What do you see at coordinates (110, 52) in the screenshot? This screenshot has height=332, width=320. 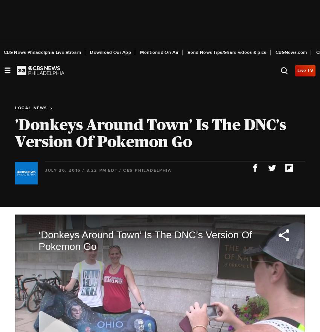 I see `'Download Our App'` at bounding box center [110, 52].